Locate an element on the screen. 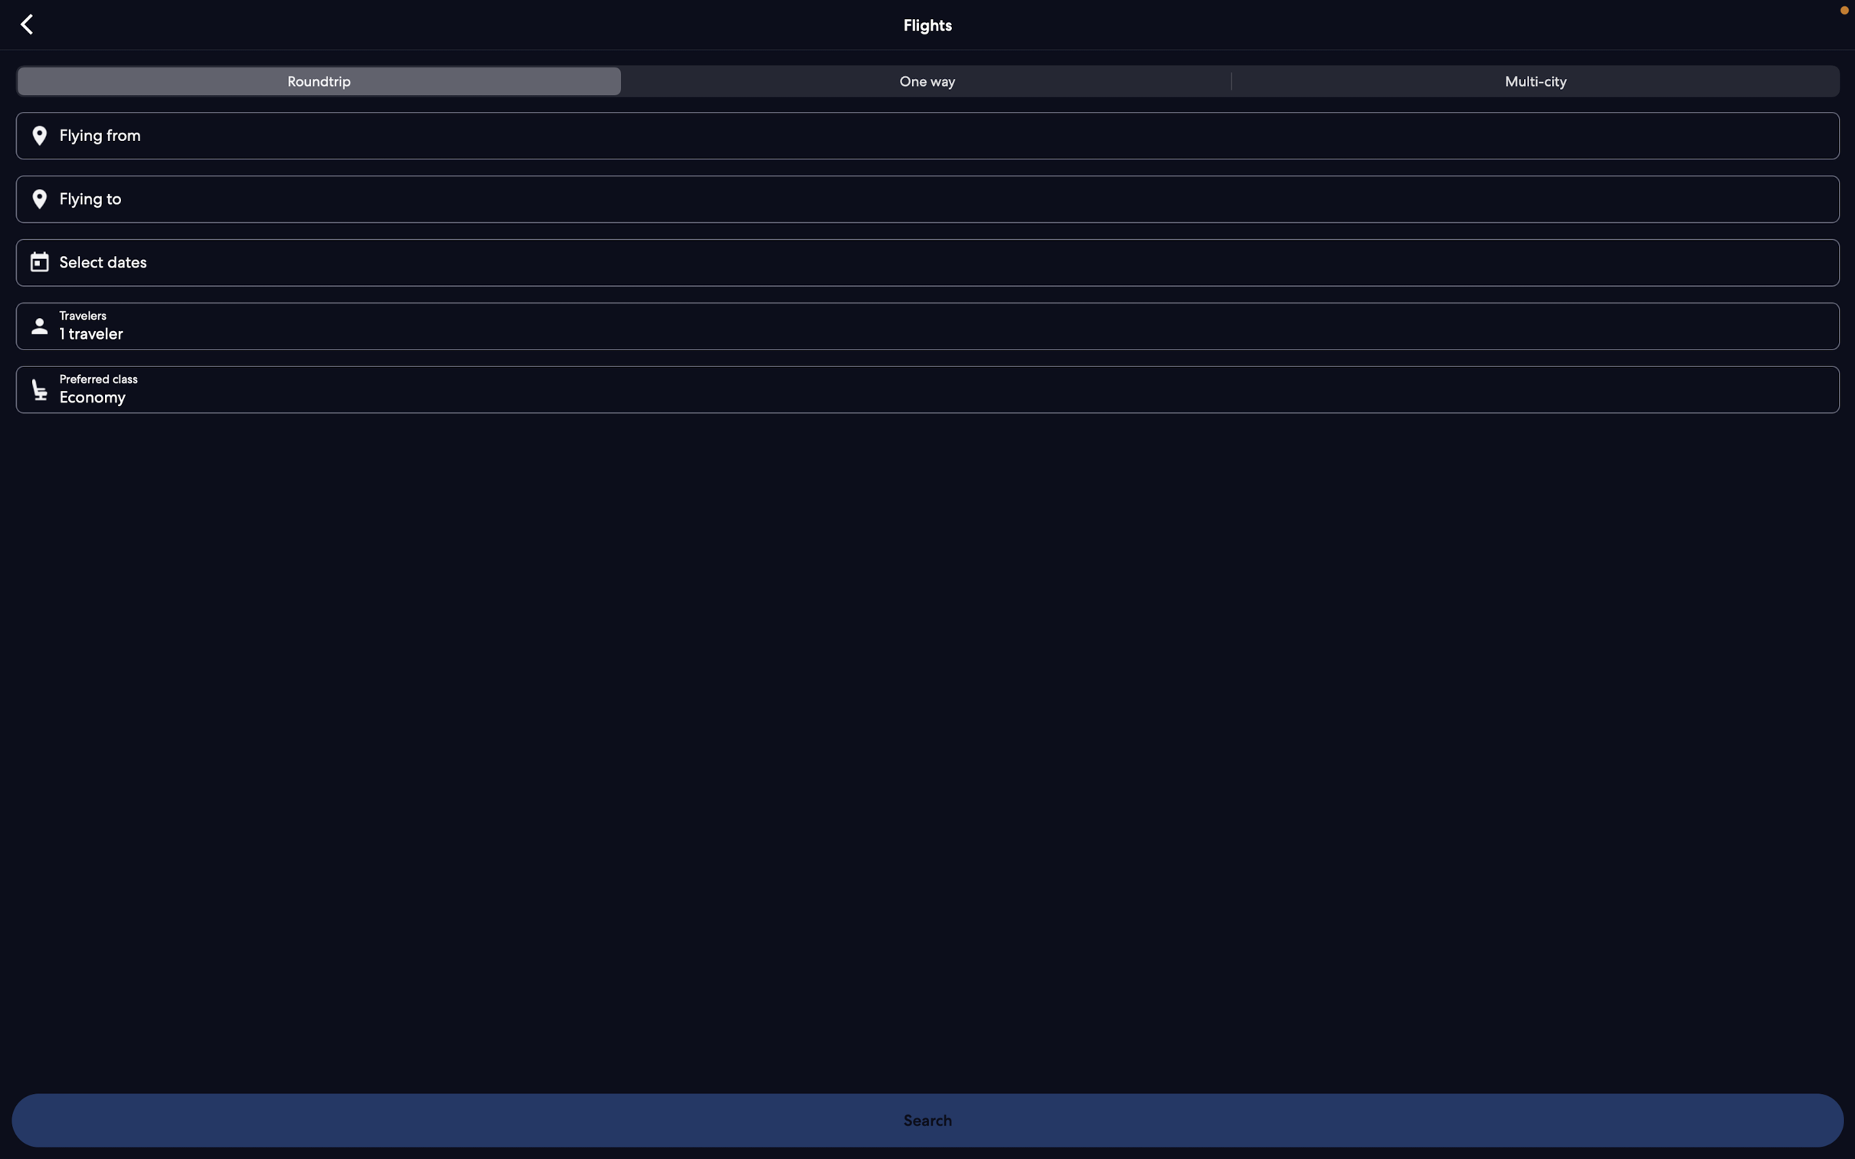  the travel dates is located at coordinates (933, 260).